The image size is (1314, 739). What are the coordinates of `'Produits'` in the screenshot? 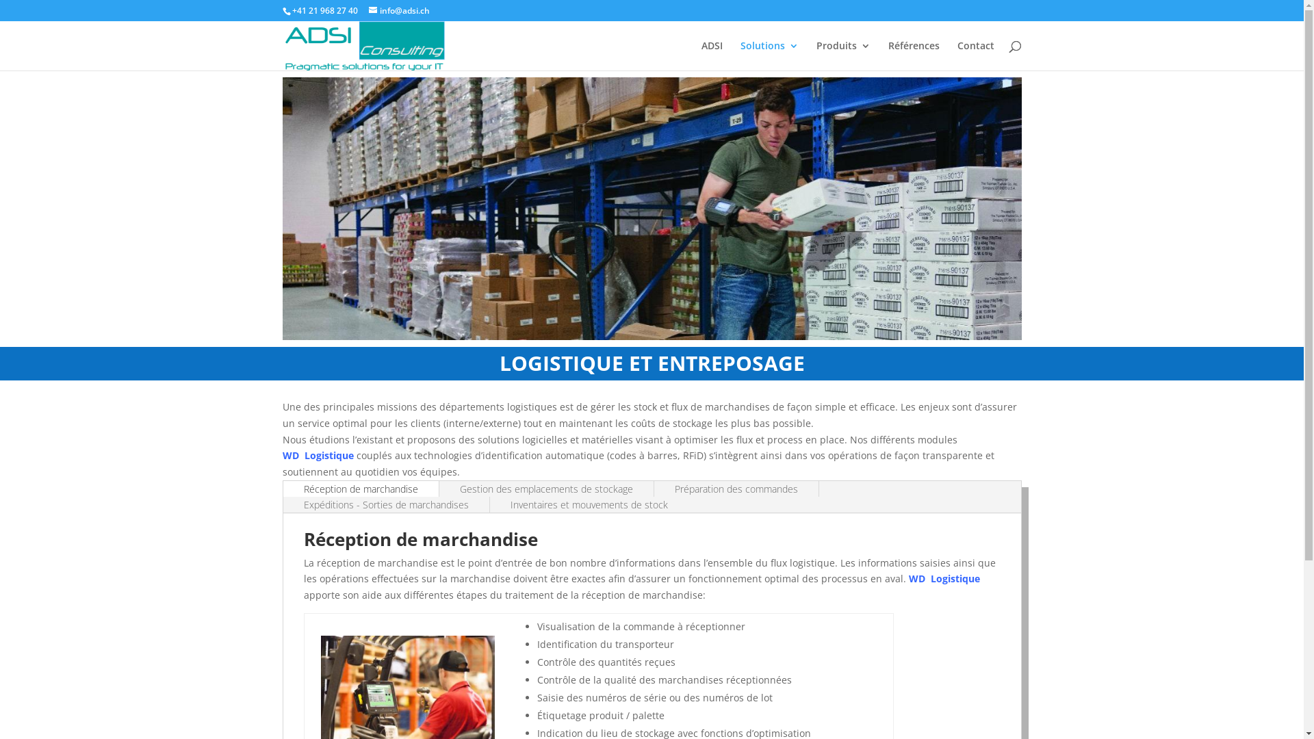 It's located at (842, 55).